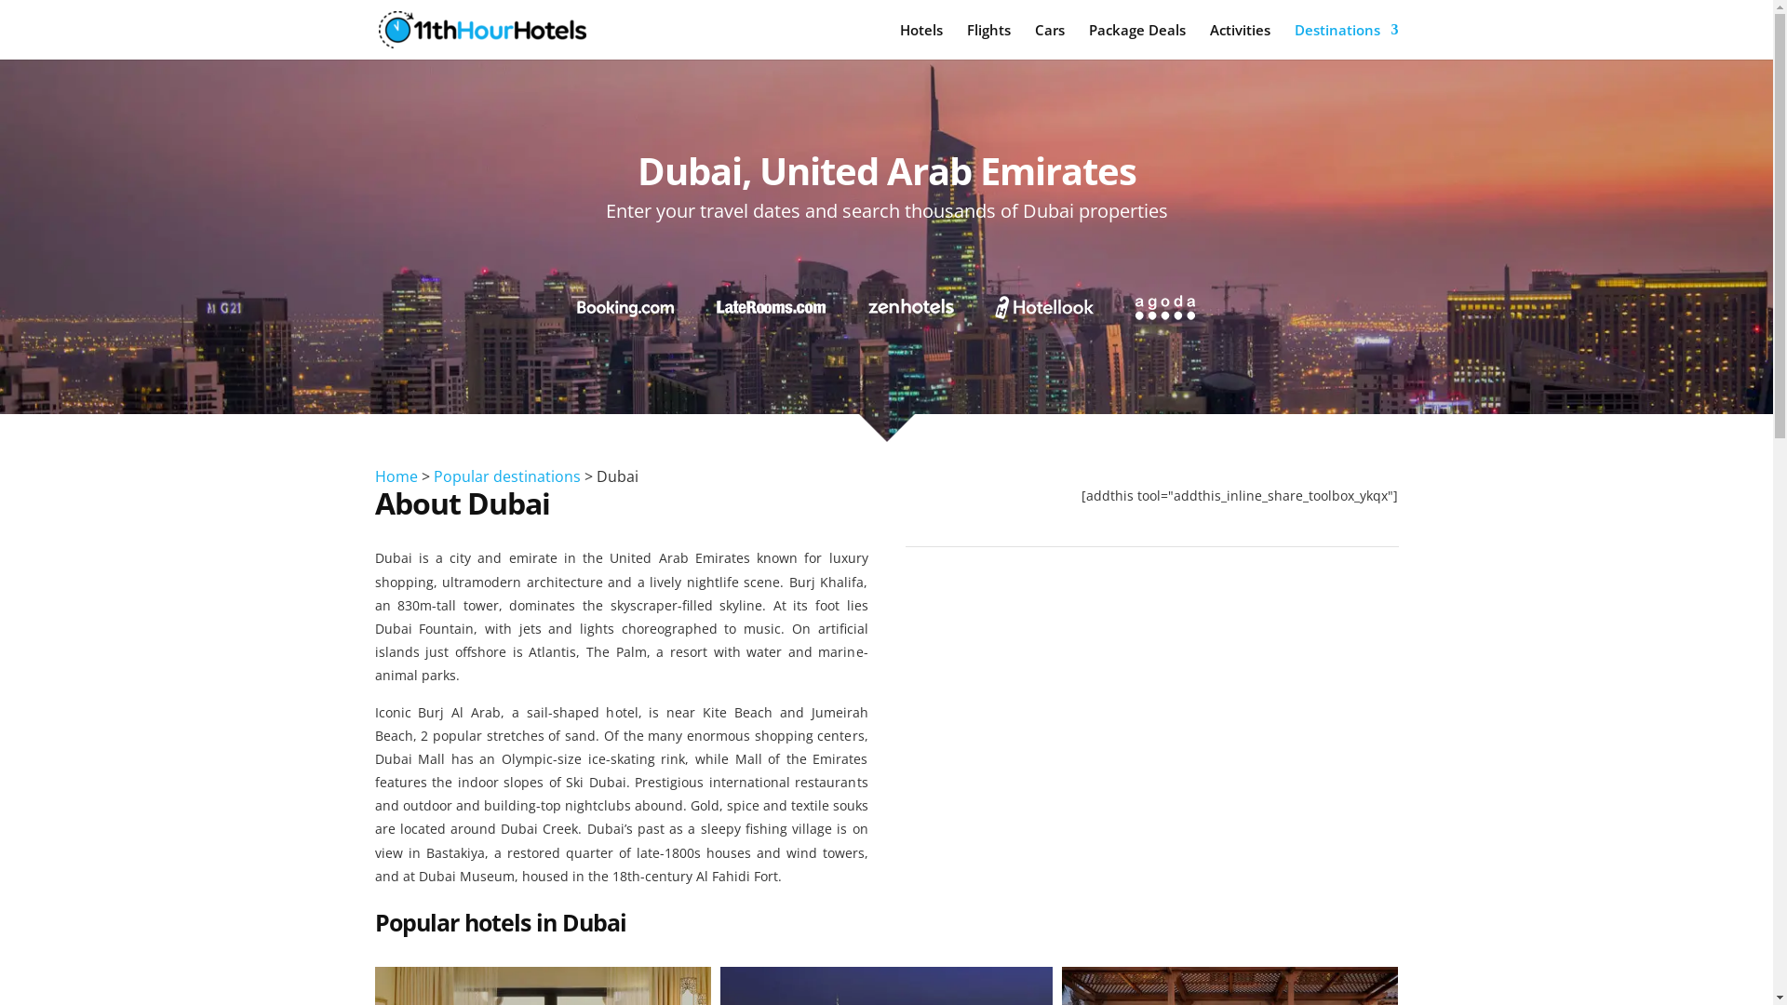  Describe the element at coordinates (898, 41) in the screenshot. I see `'Hotels'` at that location.